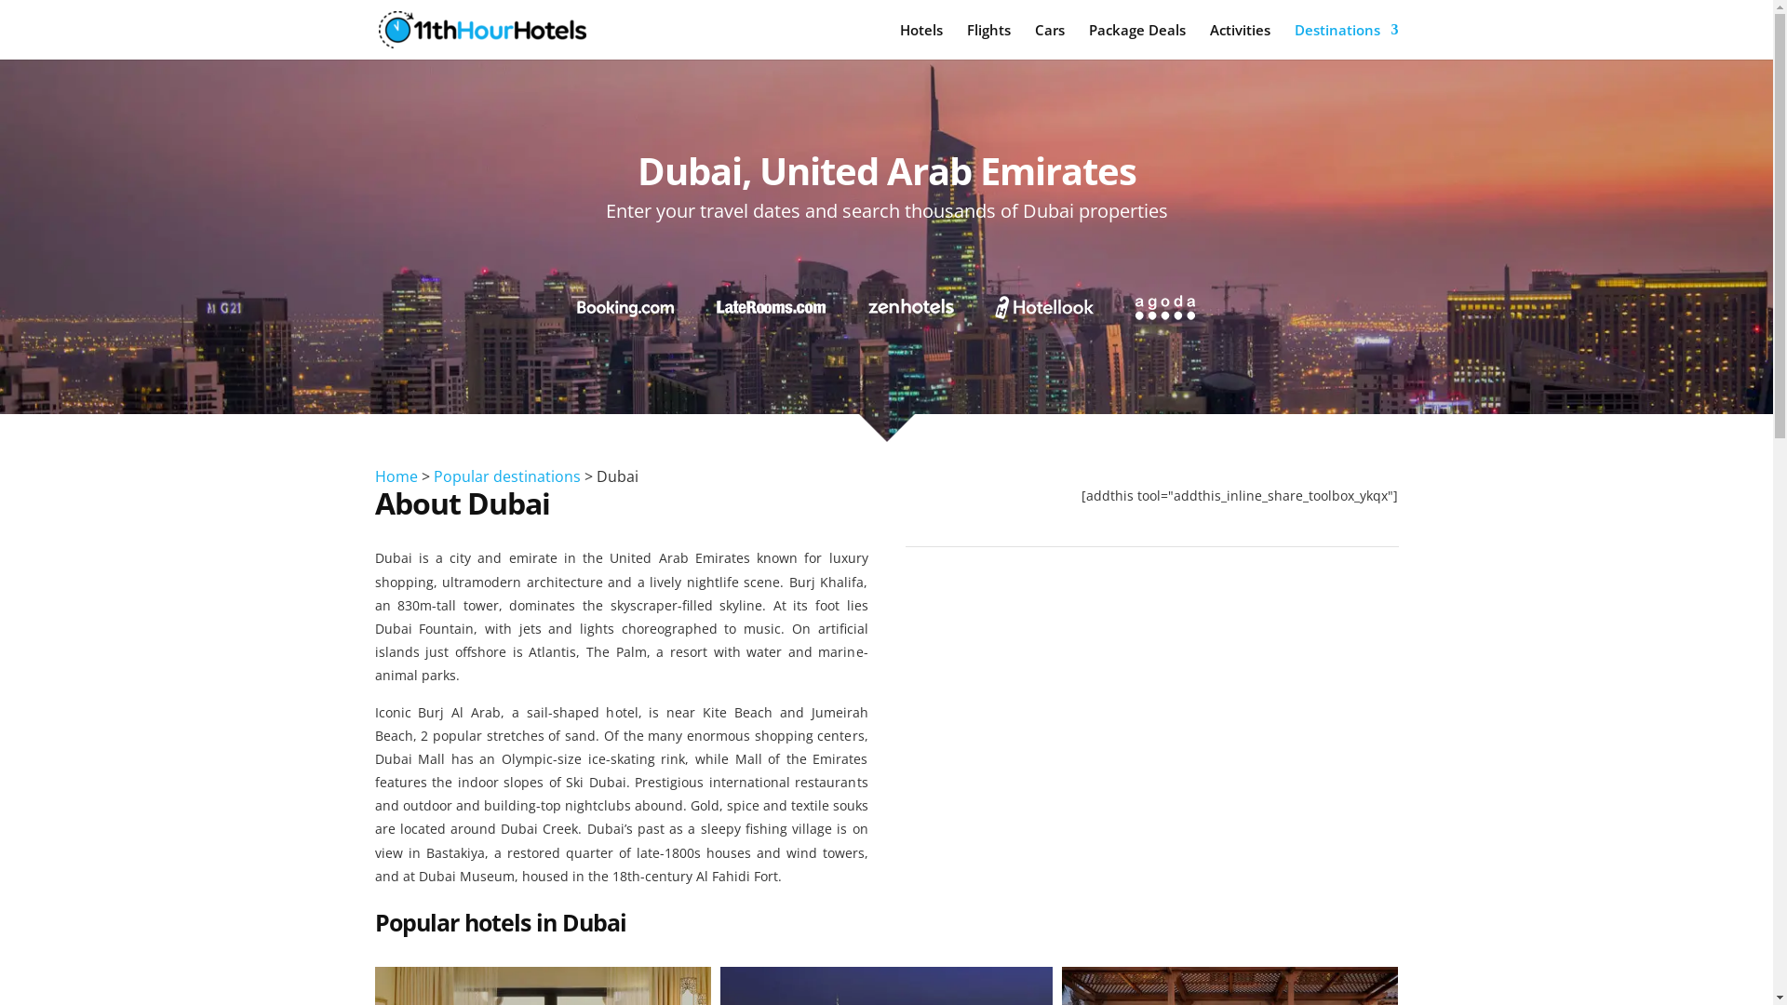  Describe the element at coordinates (898, 41) in the screenshot. I see `'Hotels'` at that location.